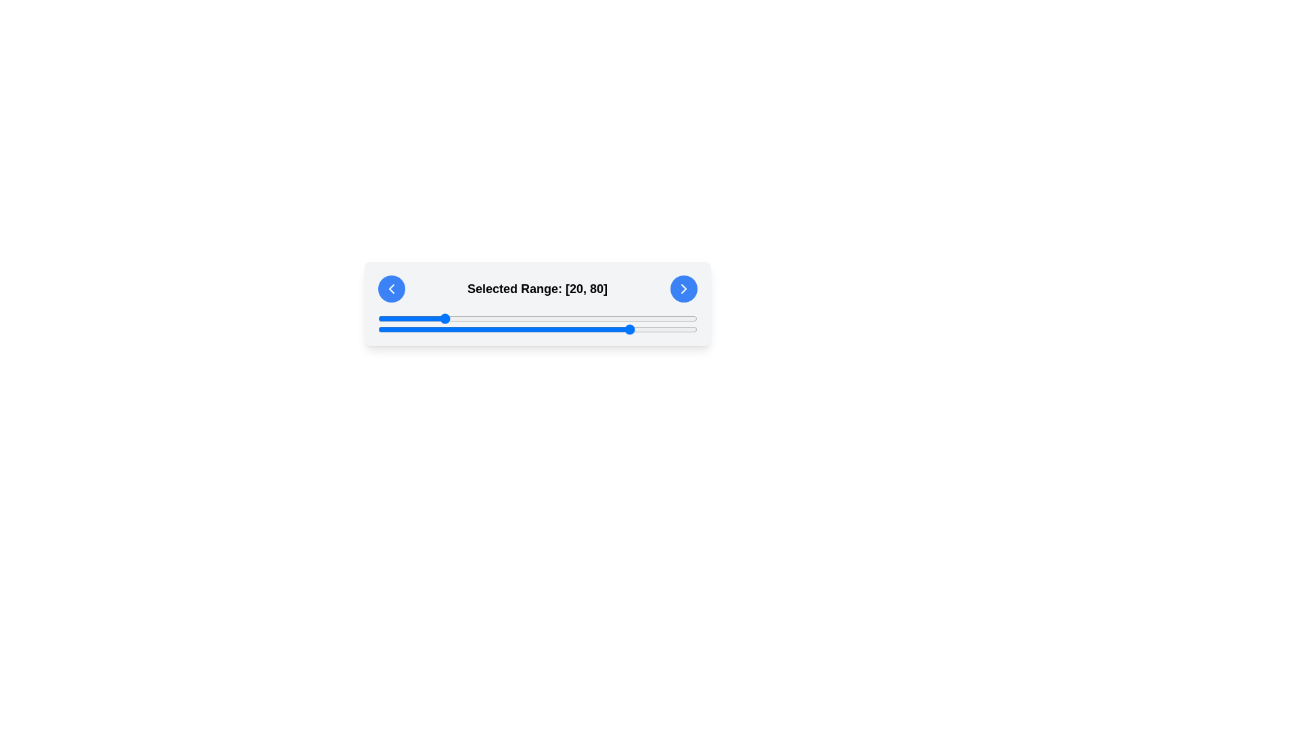 The image size is (1299, 731). What do you see at coordinates (486, 329) in the screenshot?
I see `the slider` at bounding box center [486, 329].